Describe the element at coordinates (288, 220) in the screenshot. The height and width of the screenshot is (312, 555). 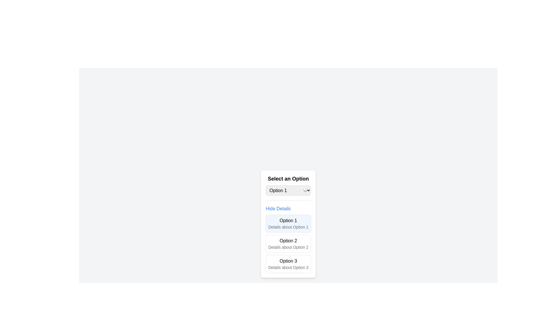
I see `text label displaying 'Option 1', which is styled with medium font weight and located at the top of a card beneath the 'Select an Option' dropdown` at that location.